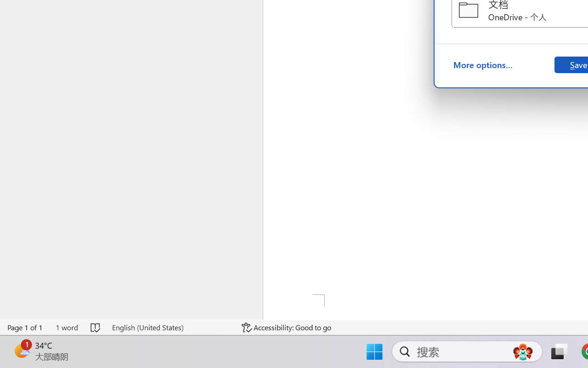  Describe the element at coordinates (286, 327) in the screenshot. I see `'Accessibility Checker Accessibility: Good to go'` at that location.